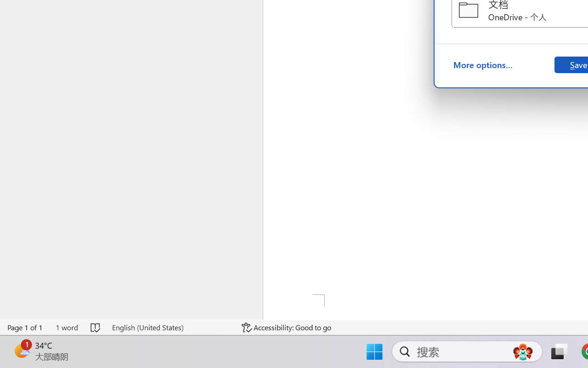  Describe the element at coordinates (286, 327) in the screenshot. I see `'Accessibility Checker Accessibility: Good to go'` at that location.